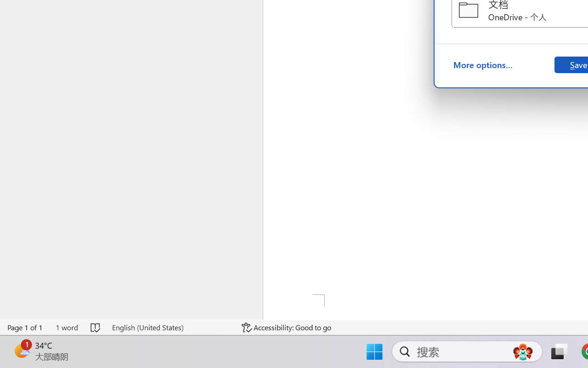  Describe the element at coordinates (286, 327) in the screenshot. I see `'Accessibility Checker Accessibility: Good to go'` at that location.